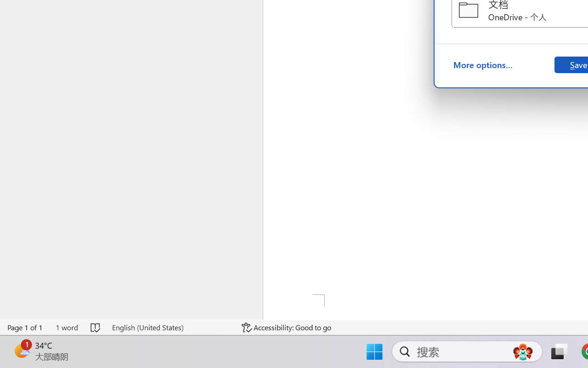  Describe the element at coordinates (286, 327) in the screenshot. I see `'Accessibility Checker Accessibility: Good to go'` at that location.